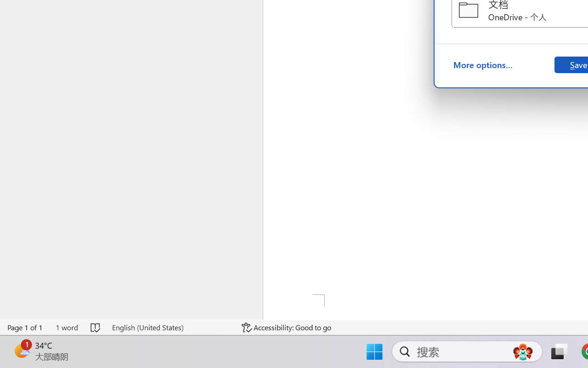  Describe the element at coordinates (286, 327) in the screenshot. I see `'Accessibility Checker Accessibility: Good to go'` at that location.